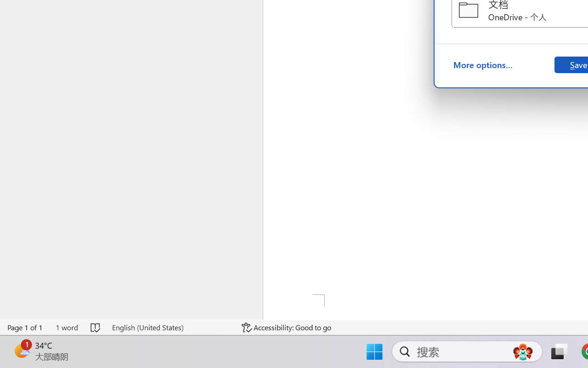  Describe the element at coordinates (286, 327) in the screenshot. I see `'Accessibility Checker Accessibility: Good to go'` at that location.